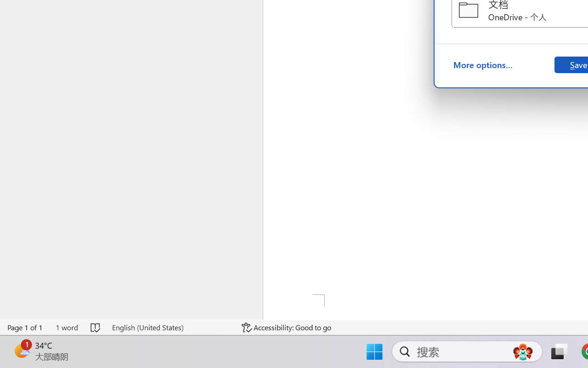  Describe the element at coordinates (286, 327) in the screenshot. I see `'Accessibility Checker Accessibility: Good to go'` at that location.